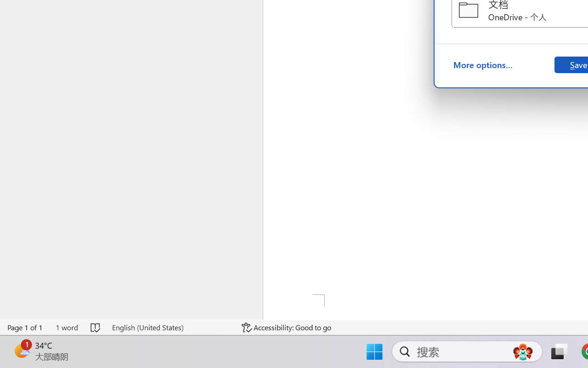  Describe the element at coordinates (286, 327) in the screenshot. I see `'Accessibility Checker Accessibility: Good to go'` at that location.